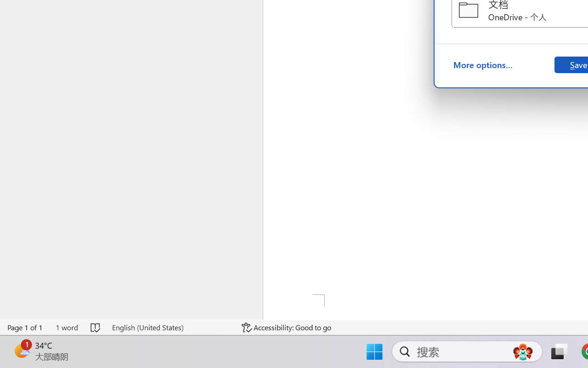  Describe the element at coordinates (286, 327) in the screenshot. I see `'Accessibility Checker Accessibility: Good to go'` at that location.